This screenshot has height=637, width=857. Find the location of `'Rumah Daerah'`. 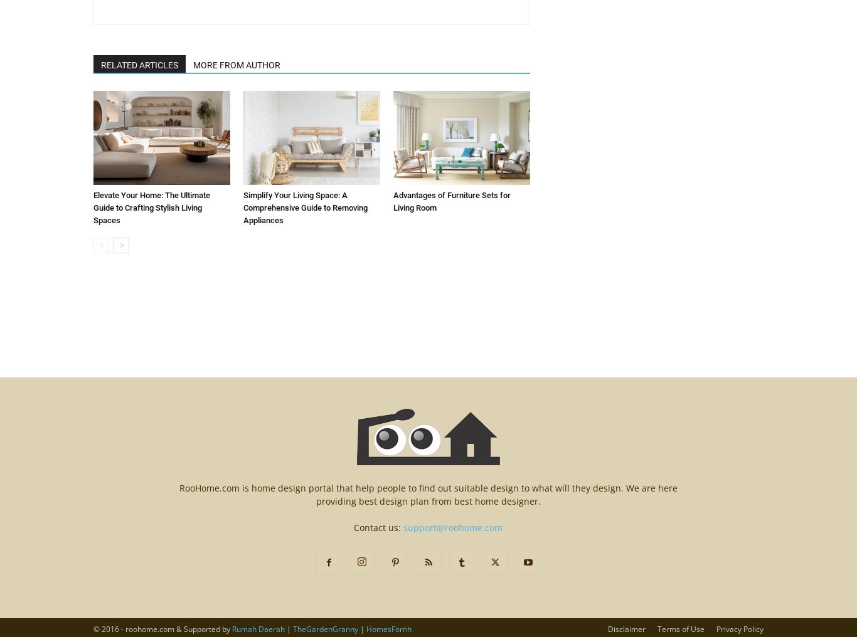

'Rumah Daerah' is located at coordinates (257, 629).